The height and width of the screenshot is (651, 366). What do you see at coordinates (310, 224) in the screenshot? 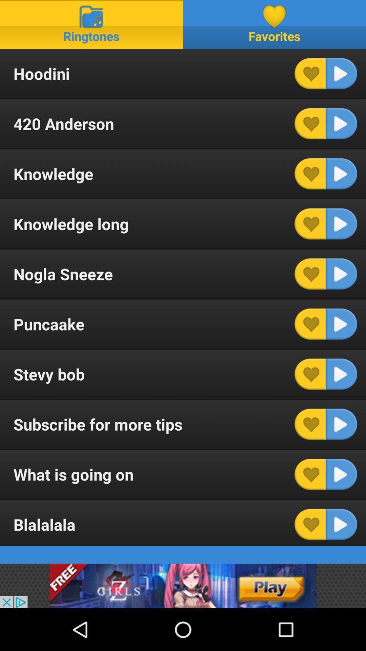
I see `this` at bounding box center [310, 224].